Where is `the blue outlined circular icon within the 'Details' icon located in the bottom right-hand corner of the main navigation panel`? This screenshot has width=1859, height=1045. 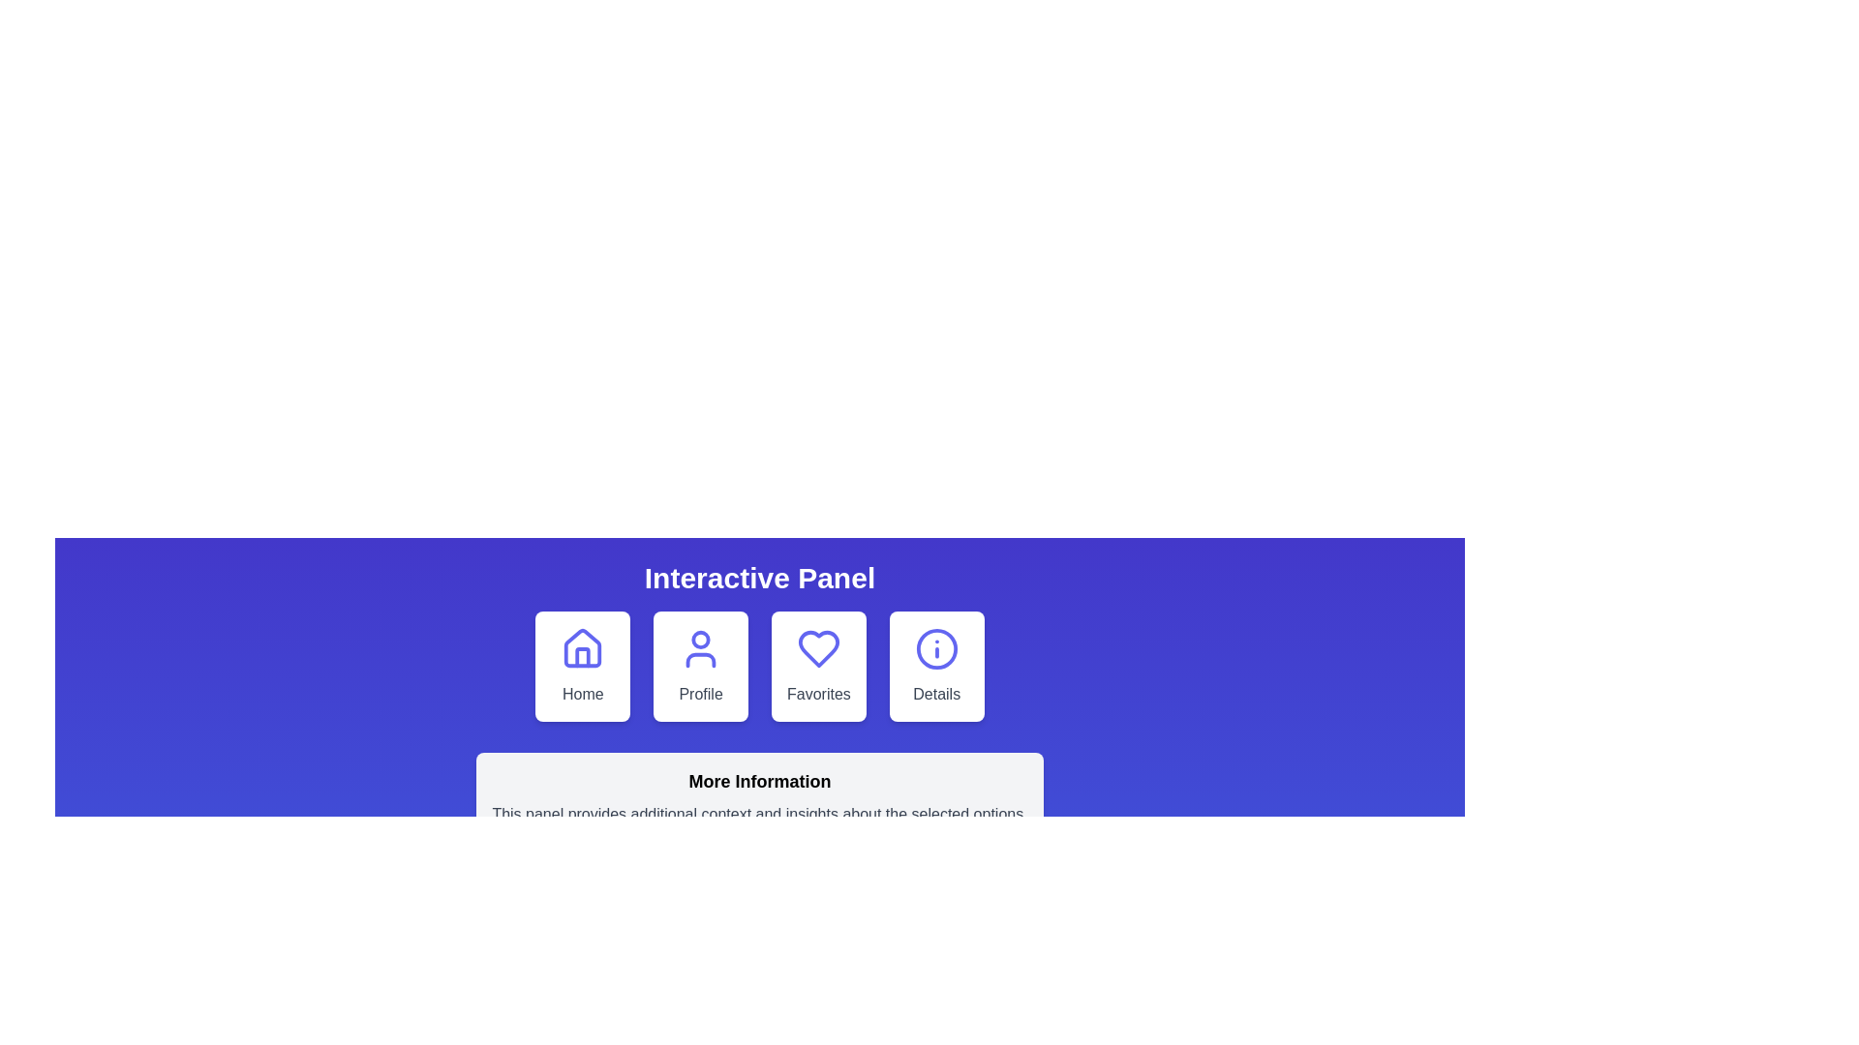 the blue outlined circular icon within the 'Details' icon located in the bottom right-hand corner of the main navigation panel is located at coordinates (936, 649).